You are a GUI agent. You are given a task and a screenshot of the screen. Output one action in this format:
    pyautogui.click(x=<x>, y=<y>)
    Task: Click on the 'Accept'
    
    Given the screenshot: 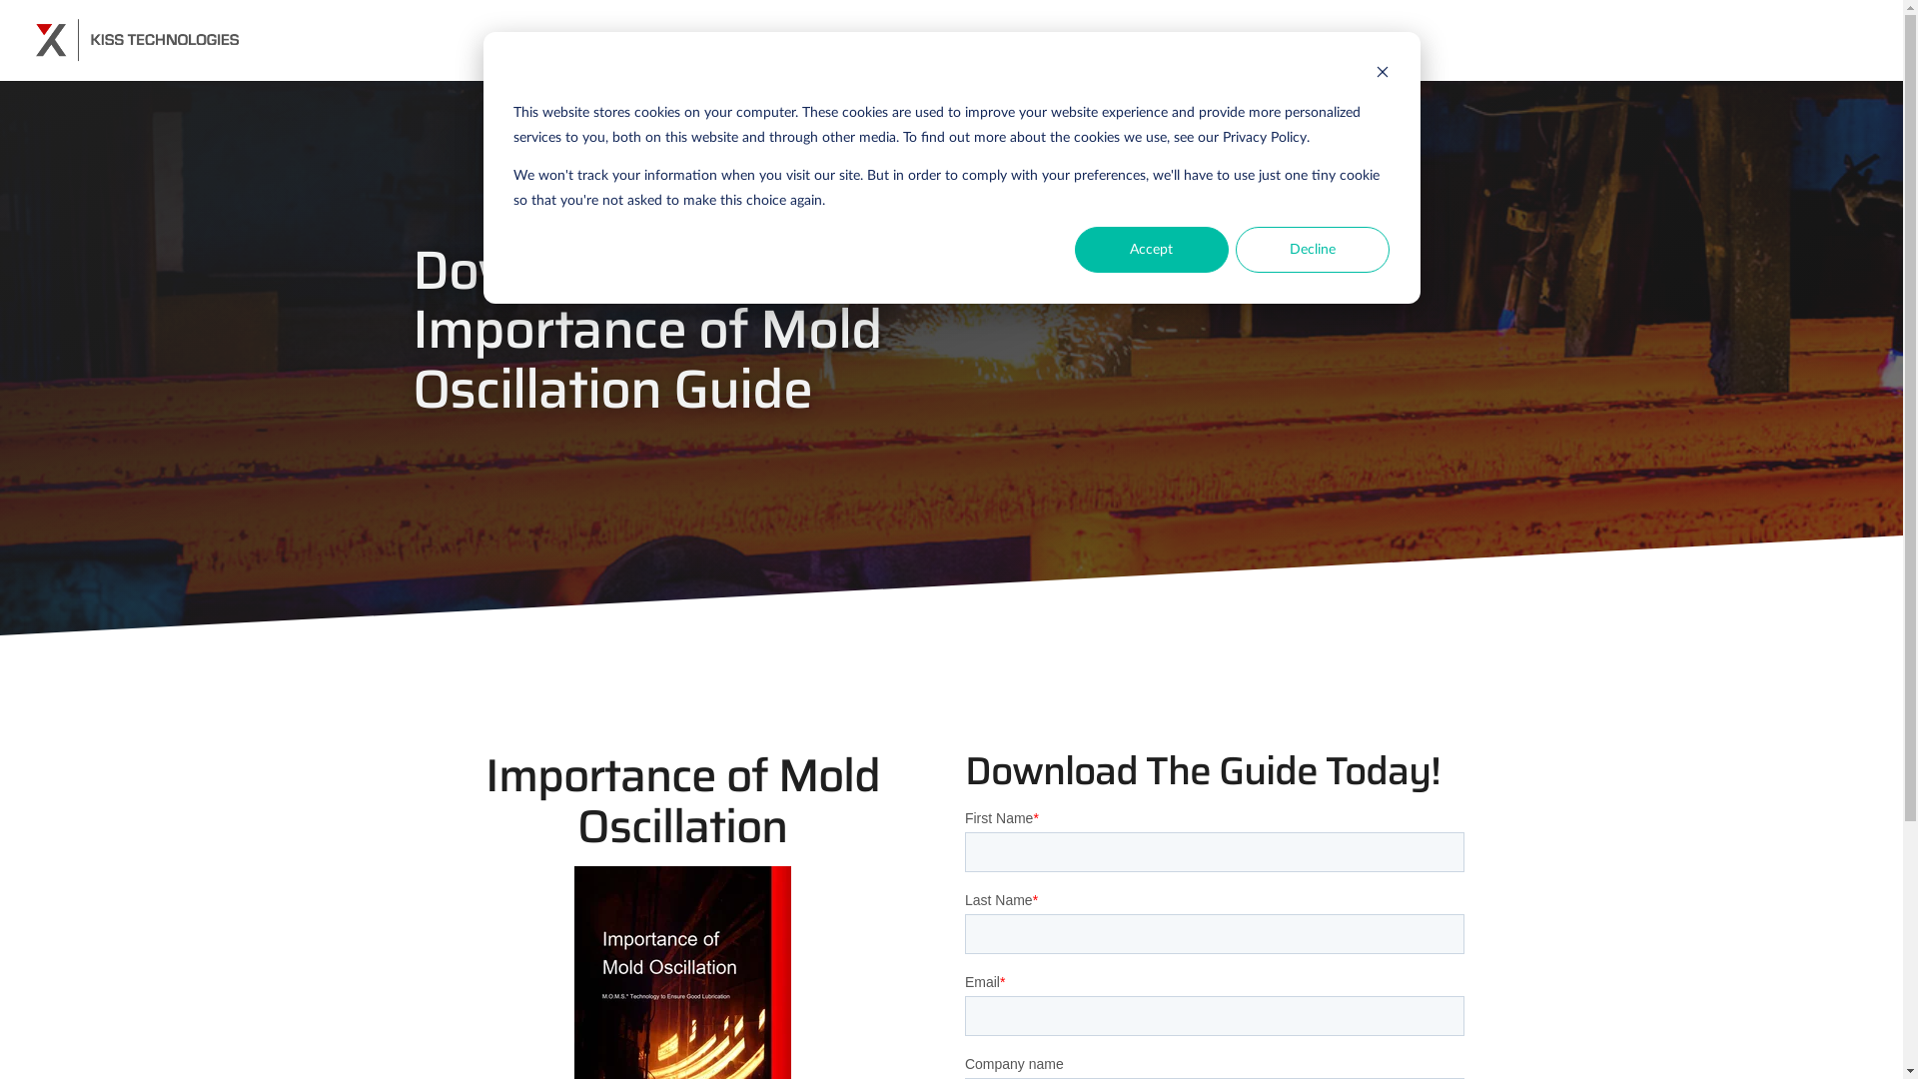 What is the action you would take?
    pyautogui.click(x=1151, y=249)
    